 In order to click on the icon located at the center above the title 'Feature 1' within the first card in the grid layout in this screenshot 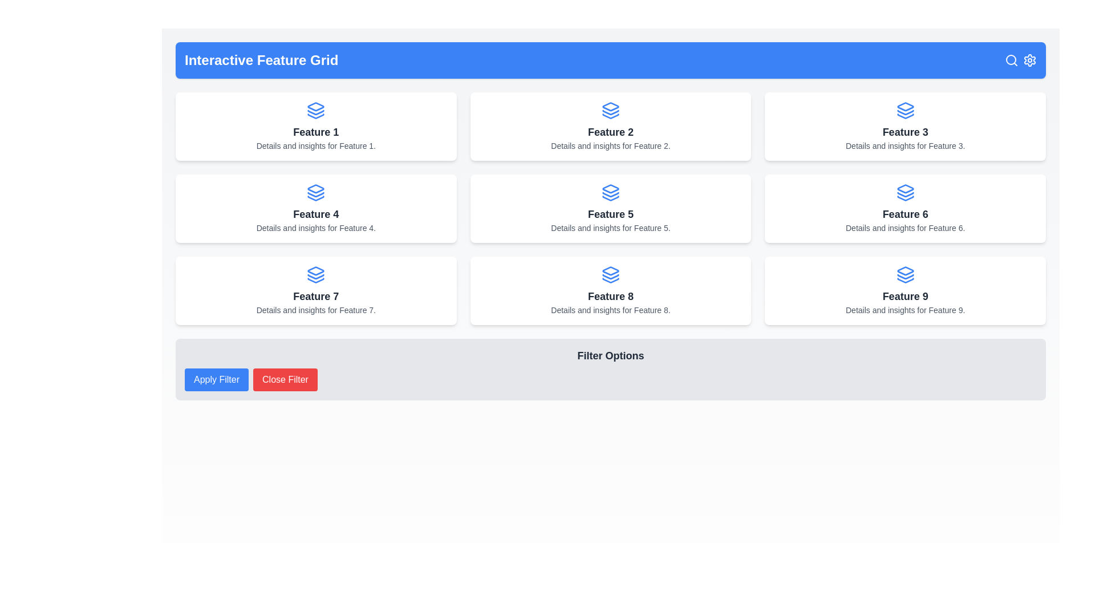, I will do `click(316, 110)`.